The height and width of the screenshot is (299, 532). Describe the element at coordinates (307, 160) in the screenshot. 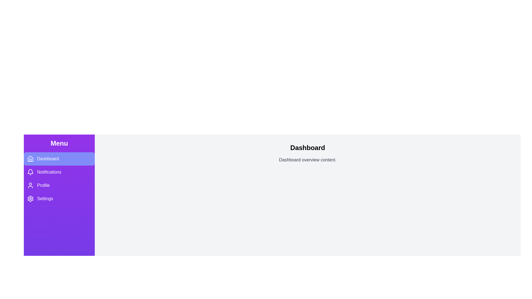

I see `text block containing the phrase 'Dashboard overview content.' which is styled with a gray, medium-sized font and is positioned directly under the title 'Dashboard.'` at that location.